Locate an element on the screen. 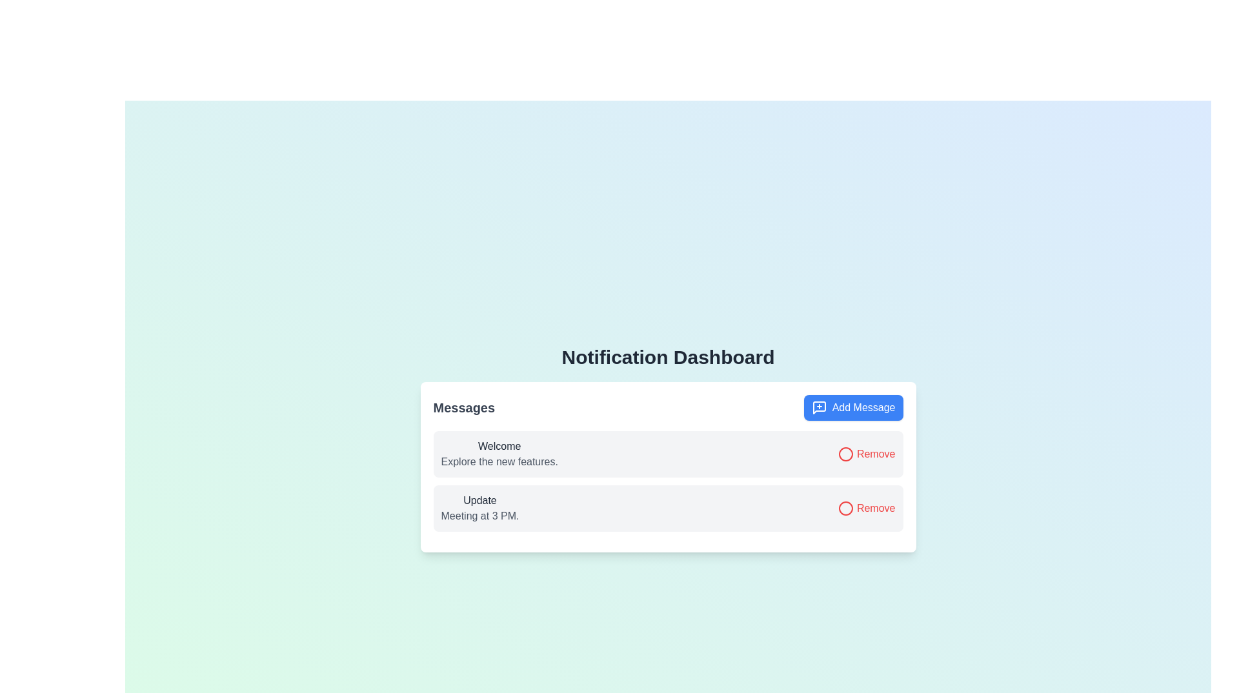  the red-text button labeled 'Remove' located at the far right of the message group 'Welcome - Explore the new features.' is located at coordinates (867, 453).